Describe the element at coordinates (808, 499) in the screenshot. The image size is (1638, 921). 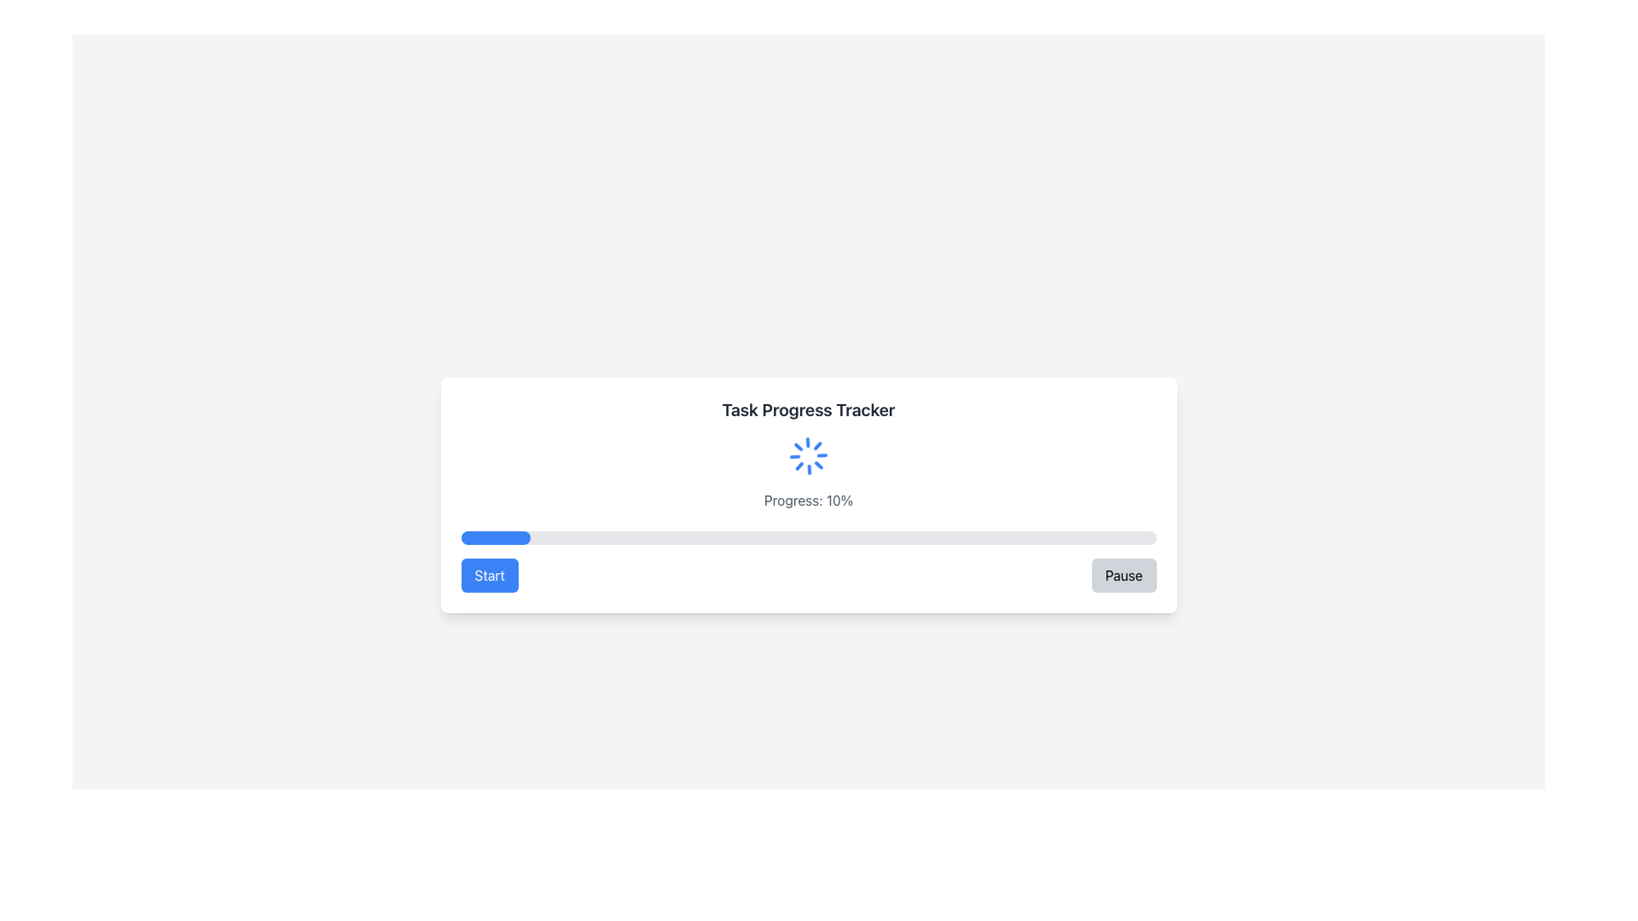
I see `the text display showing 'Progress: 0%' which is styled in gray and located at the bottom-center of the interface, below the spinning loader` at that location.